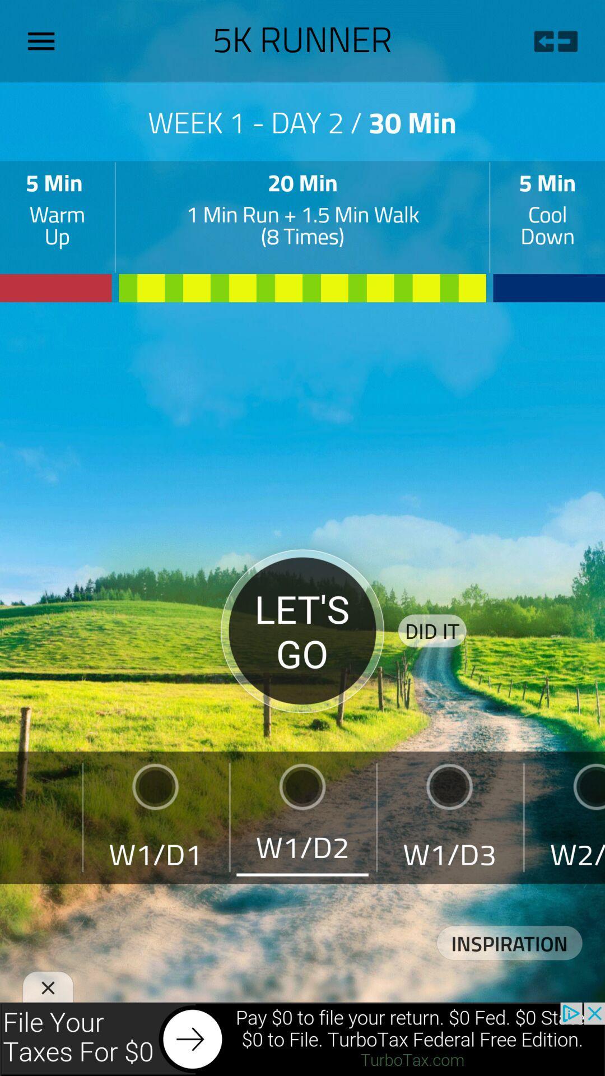 This screenshot has height=1076, width=605. What do you see at coordinates (45, 41) in the screenshot?
I see `open menu` at bounding box center [45, 41].